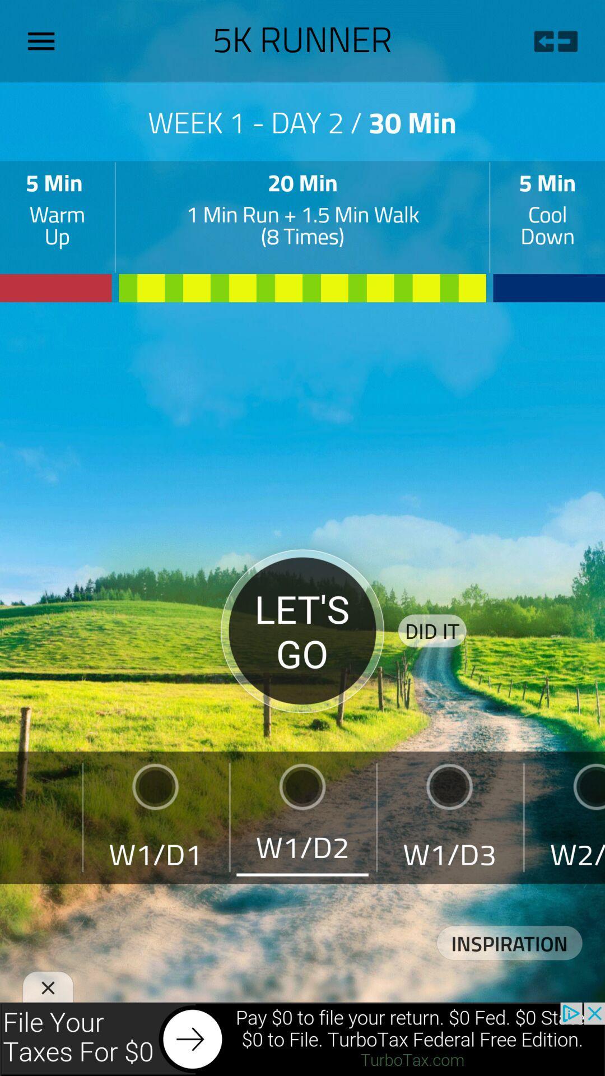 This screenshot has height=1076, width=605. What do you see at coordinates (45, 41) in the screenshot?
I see `open menu` at bounding box center [45, 41].